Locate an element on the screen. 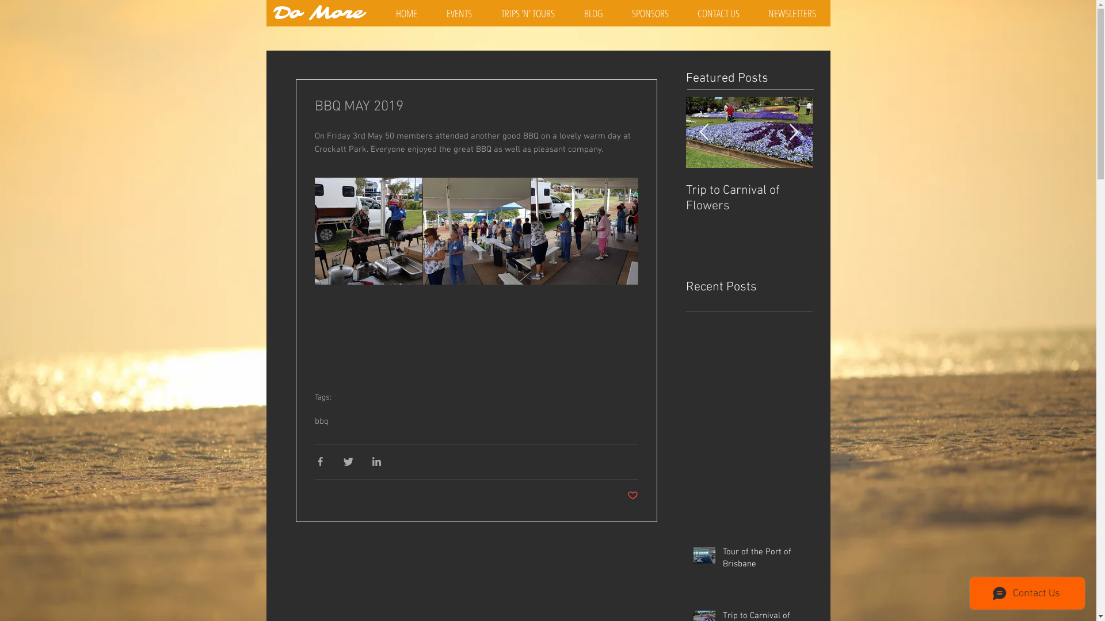 The image size is (1105, 621). 'Tour of the Port of Brisbane' is located at coordinates (749, 197).